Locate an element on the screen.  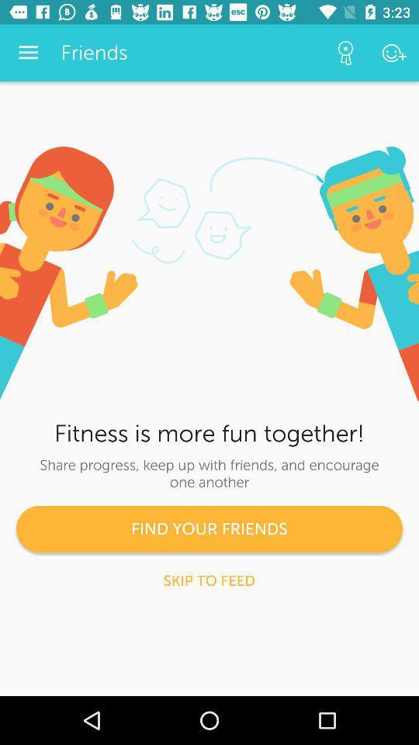
icon to the left of the friends icon is located at coordinates (28, 53).